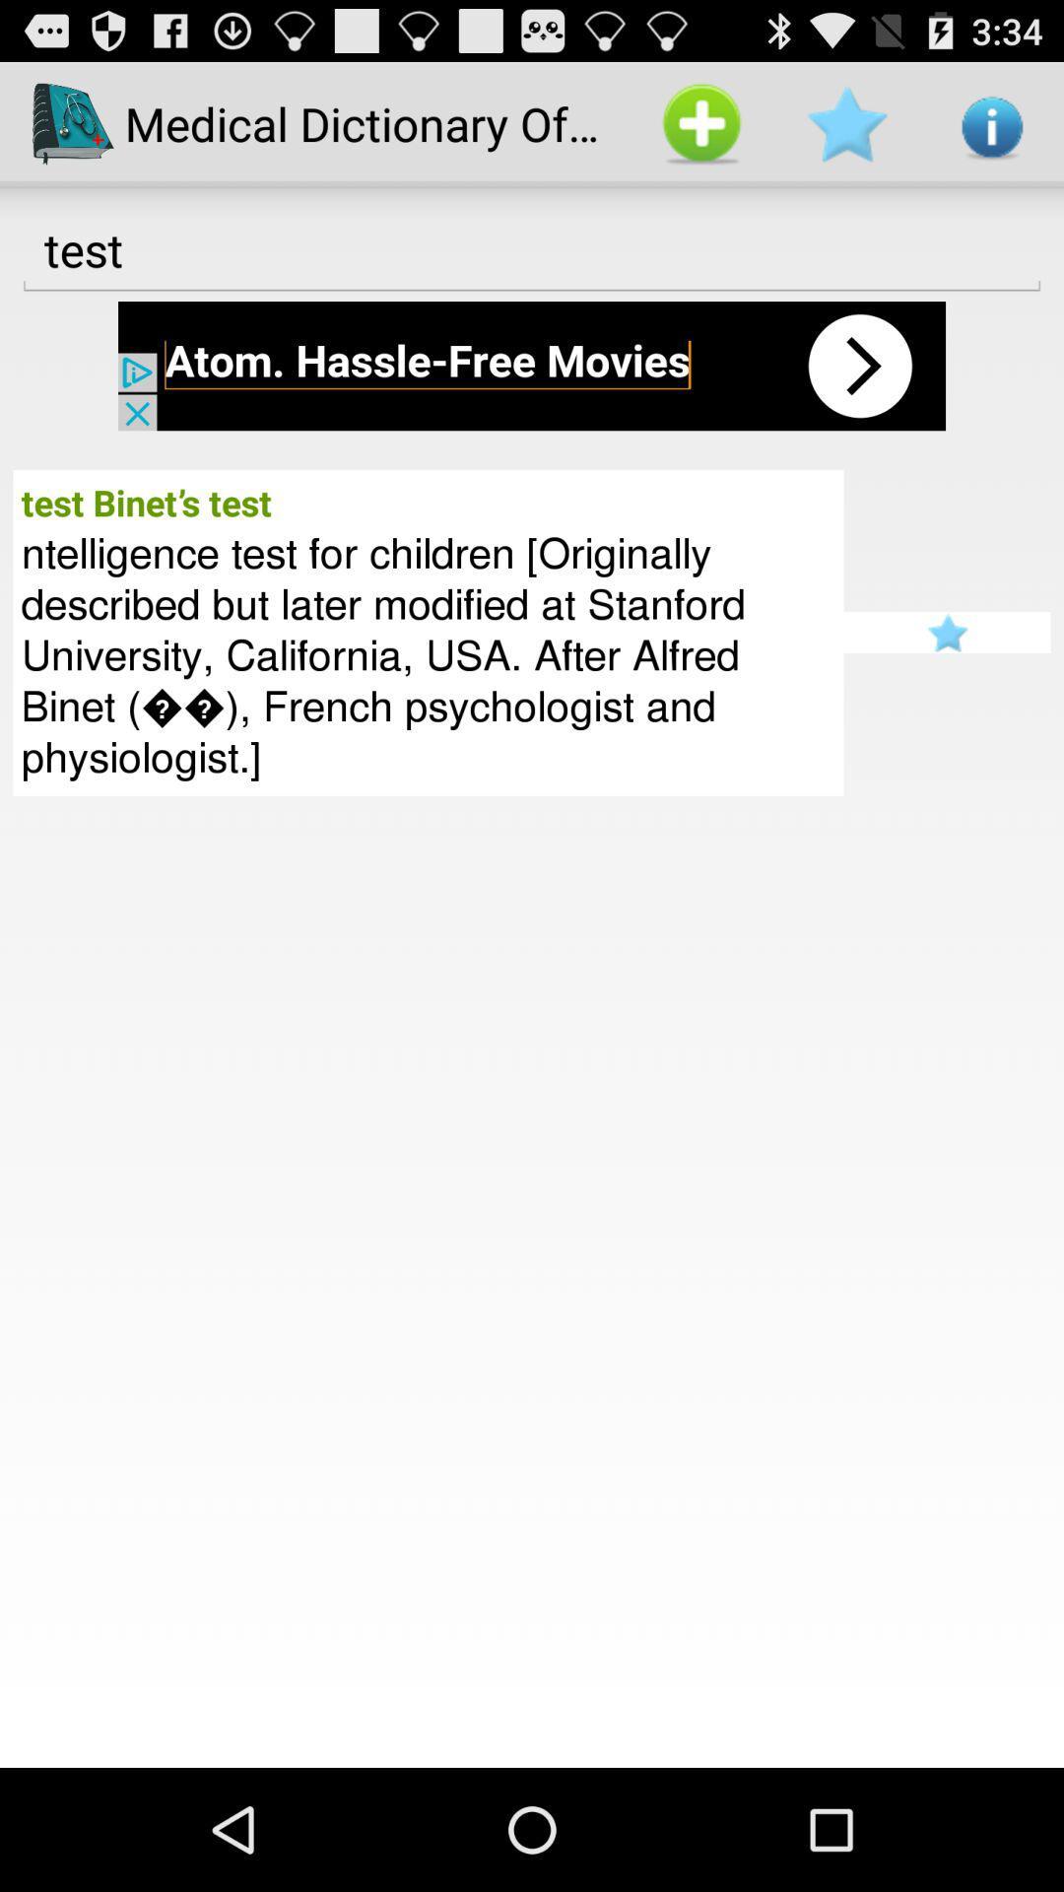 The width and height of the screenshot is (1064, 1892). What do you see at coordinates (946, 633) in the screenshot?
I see `ratting` at bounding box center [946, 633].